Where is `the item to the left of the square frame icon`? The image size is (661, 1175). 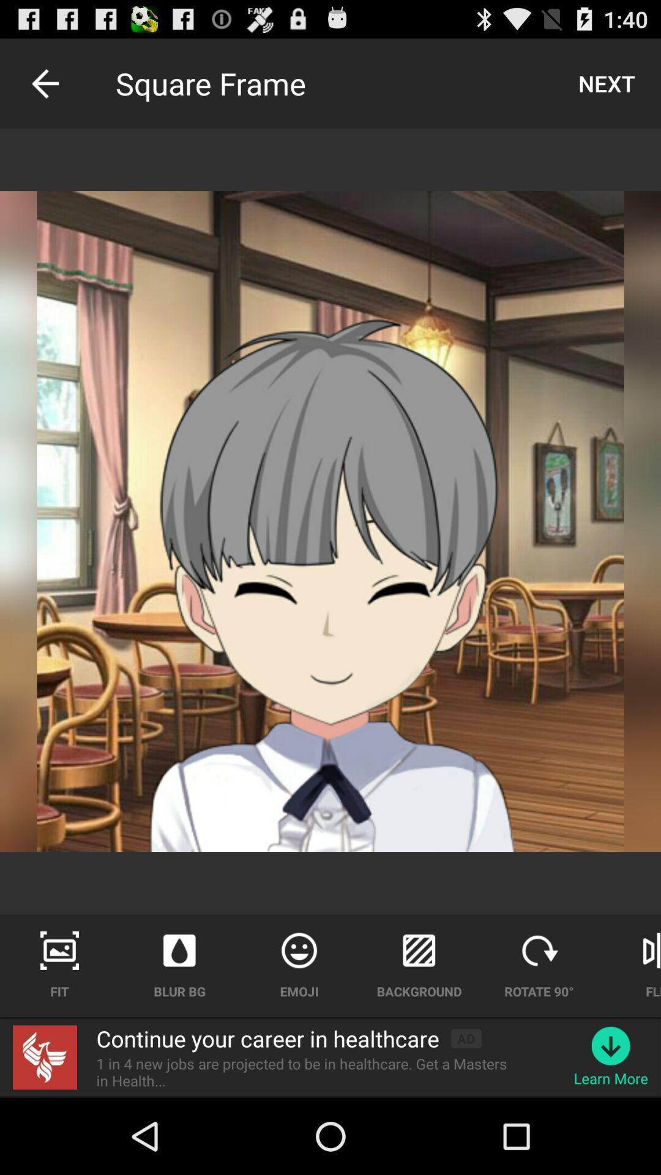 the item to the left of the square frame icon is located at coordinates (44, 83).